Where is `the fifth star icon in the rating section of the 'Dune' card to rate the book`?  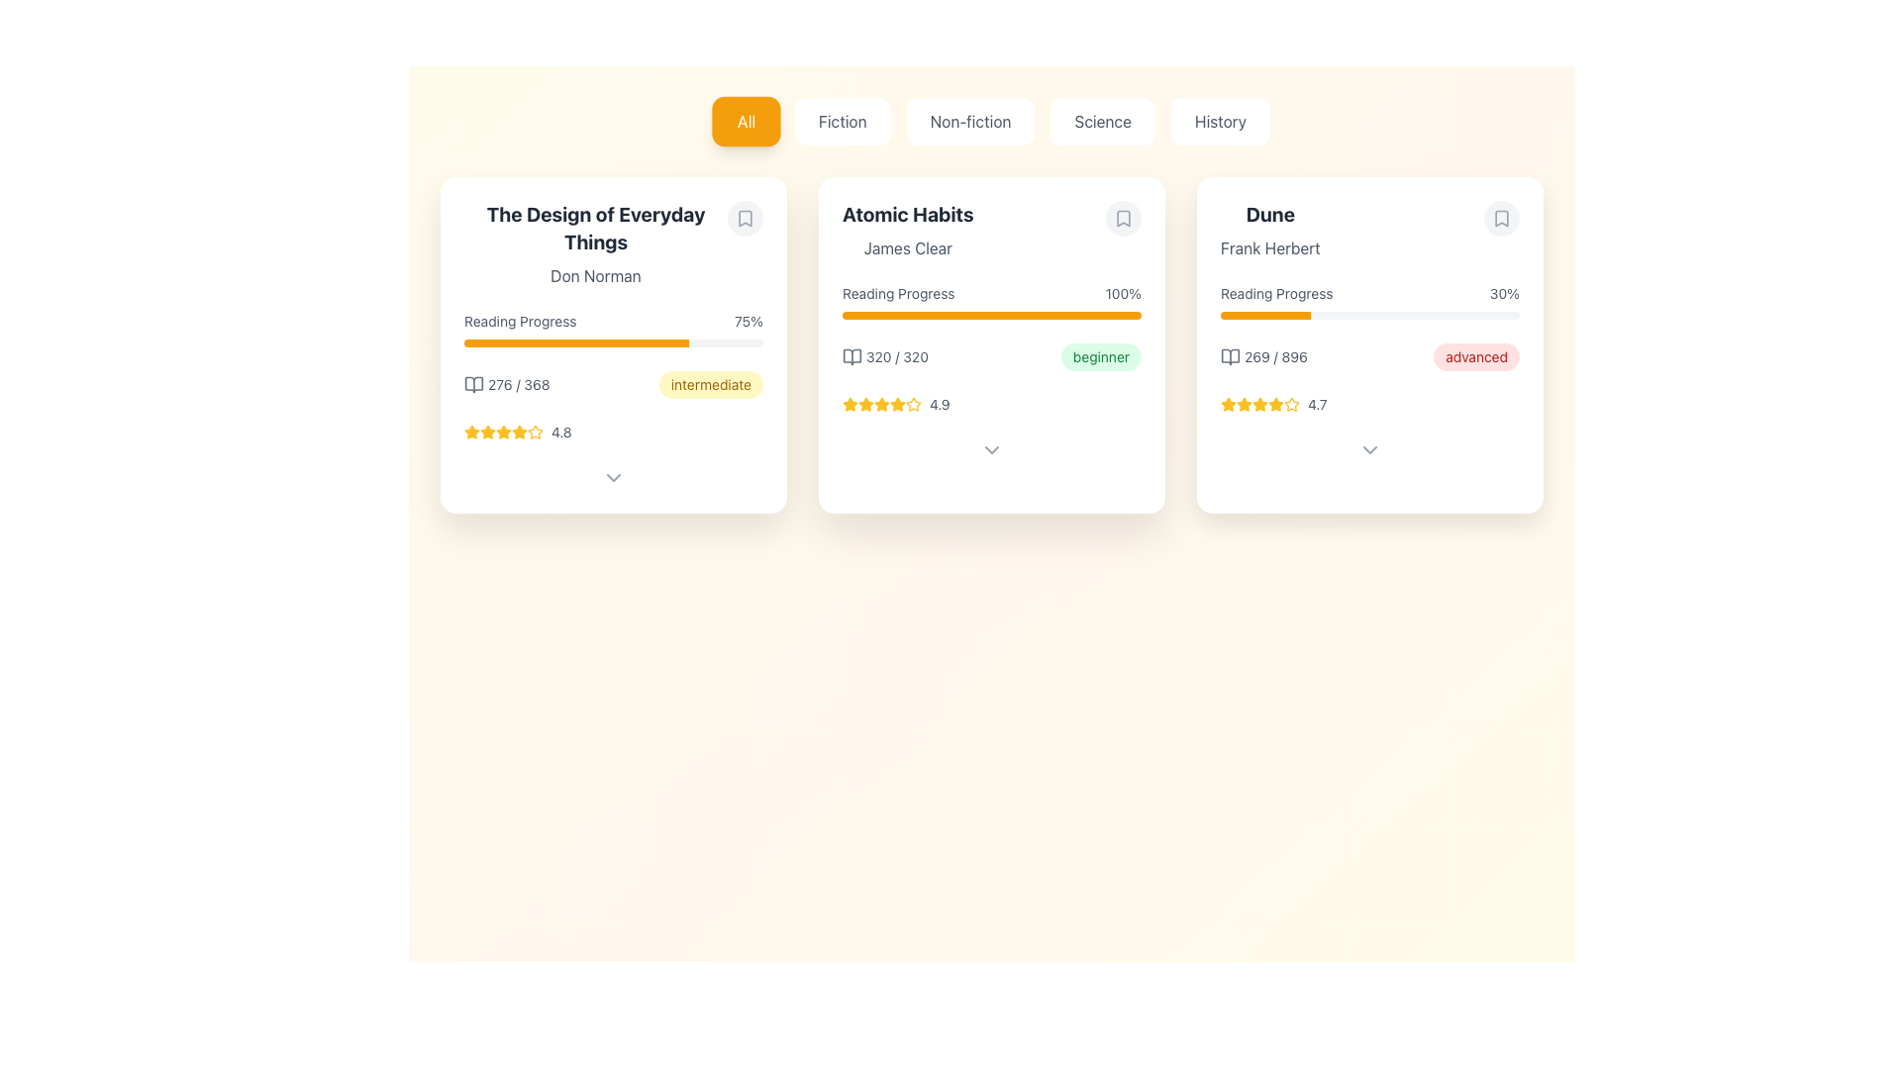
the fifth star icon in the rating section of the 'Dune' card to rate the book is located at coordinates (1292, 403).